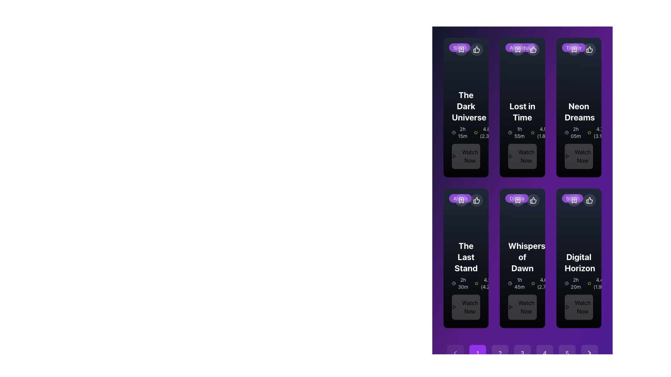 Image resolution: width=671 pixels, height=377 pixels. Describe the element at coordinates (470, 306) in the screenshot. I see `the primary call-to-action button for playing content associated with the card titled 'The Last Stand', which is centrally positioned at the bottom of the card layout` at that location.